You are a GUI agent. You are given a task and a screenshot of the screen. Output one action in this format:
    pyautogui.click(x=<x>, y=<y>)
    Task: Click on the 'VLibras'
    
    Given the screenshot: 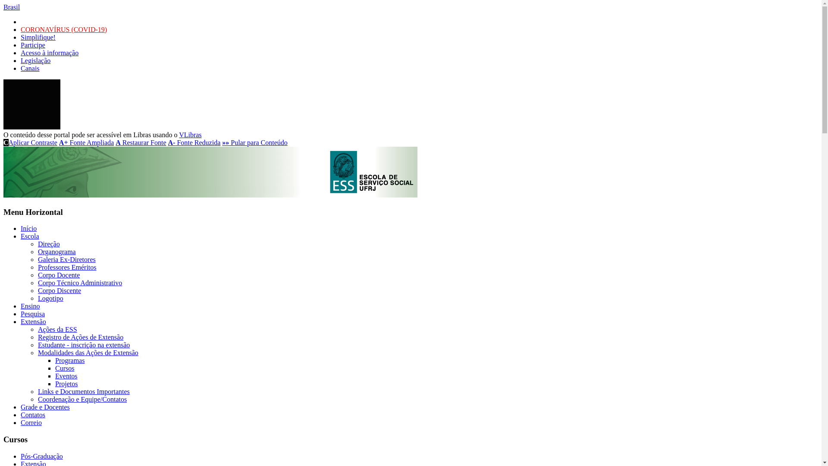 What is the action you would take?
    pyautogui.click(x=190, y=135)
    